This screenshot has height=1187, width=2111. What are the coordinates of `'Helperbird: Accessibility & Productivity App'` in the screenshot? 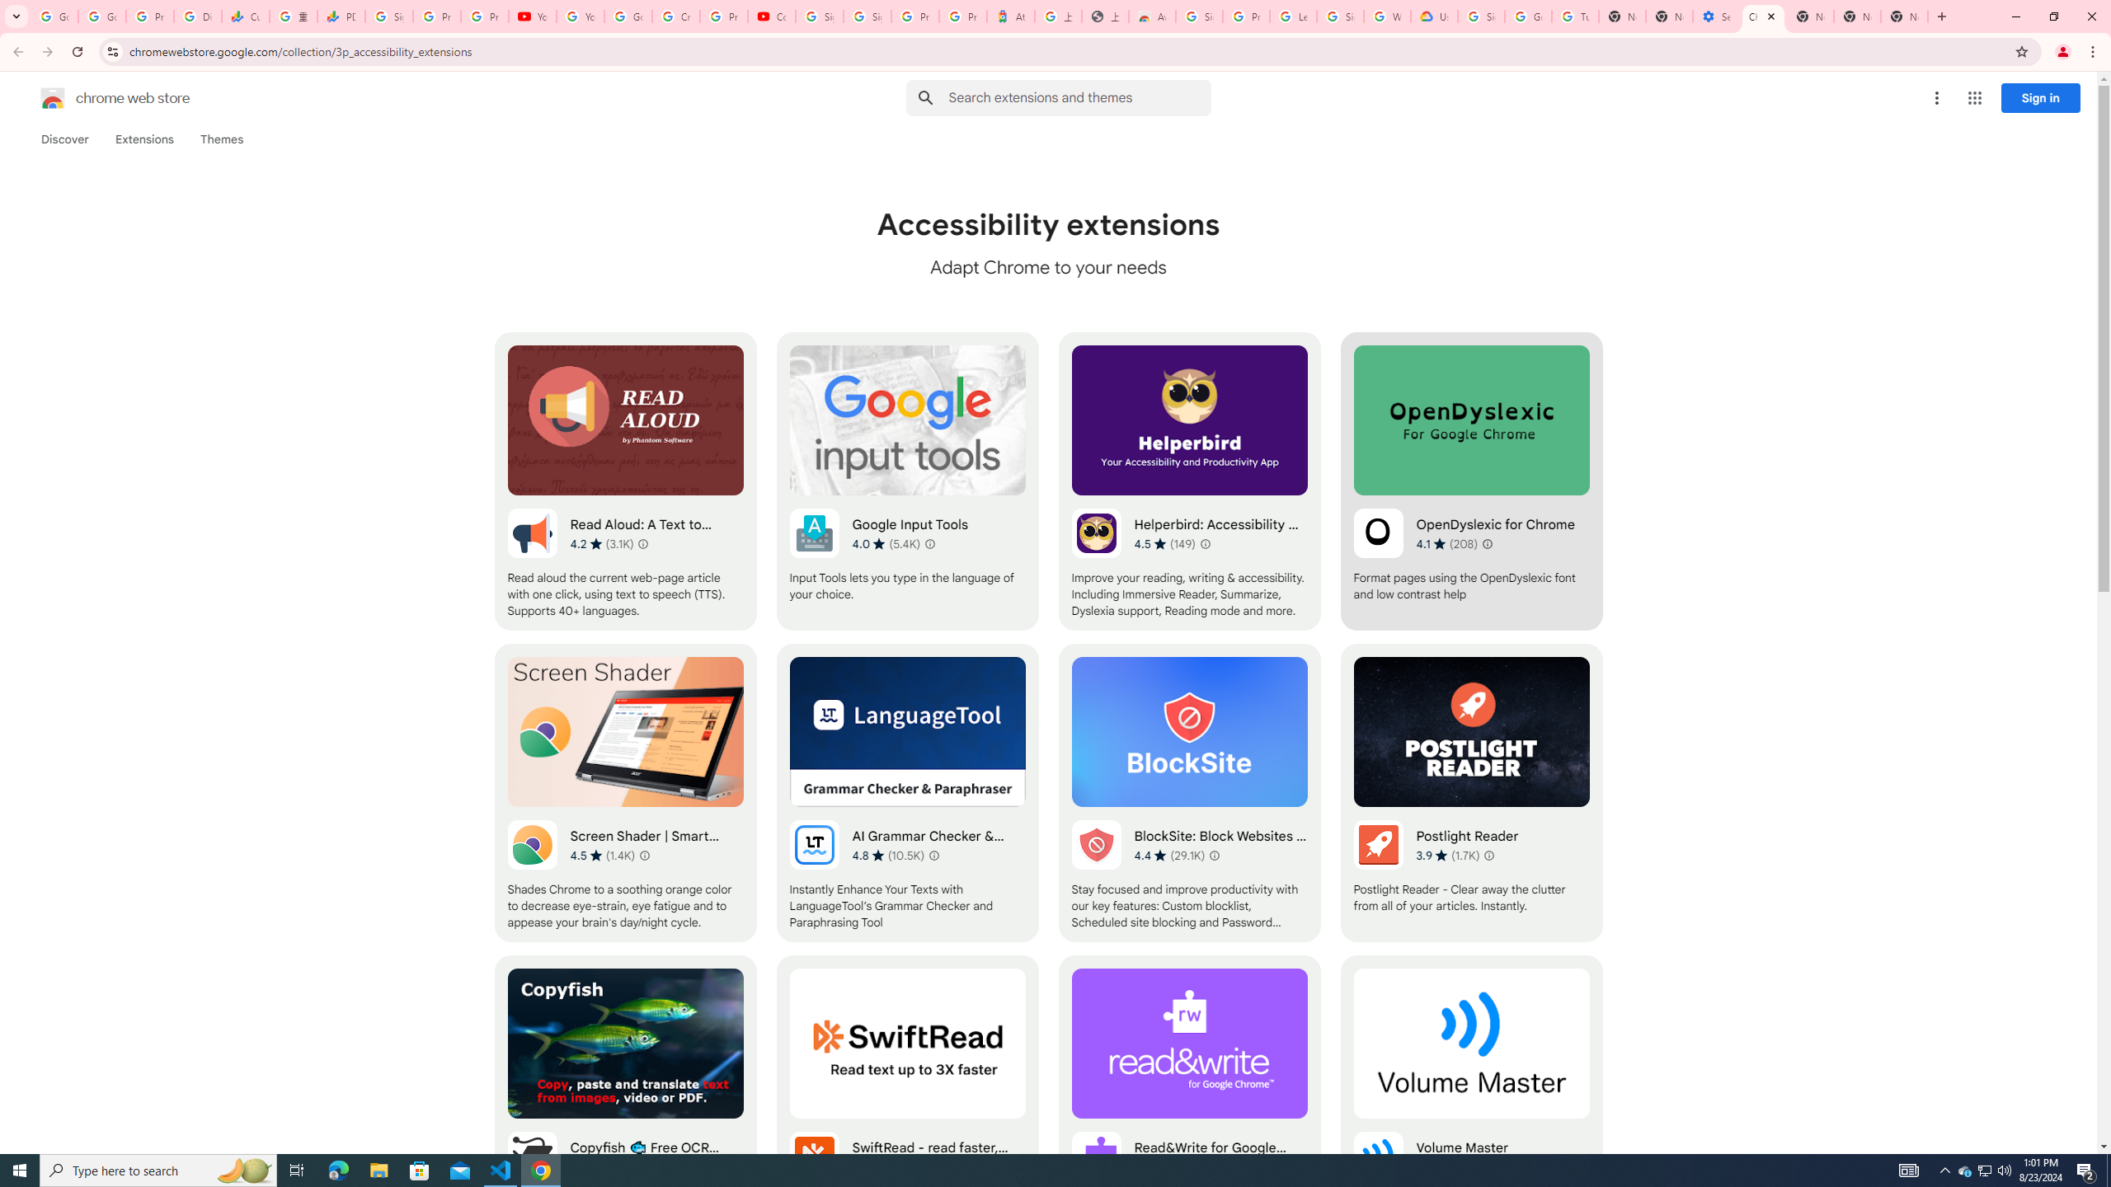 It's located at (1189, 480).